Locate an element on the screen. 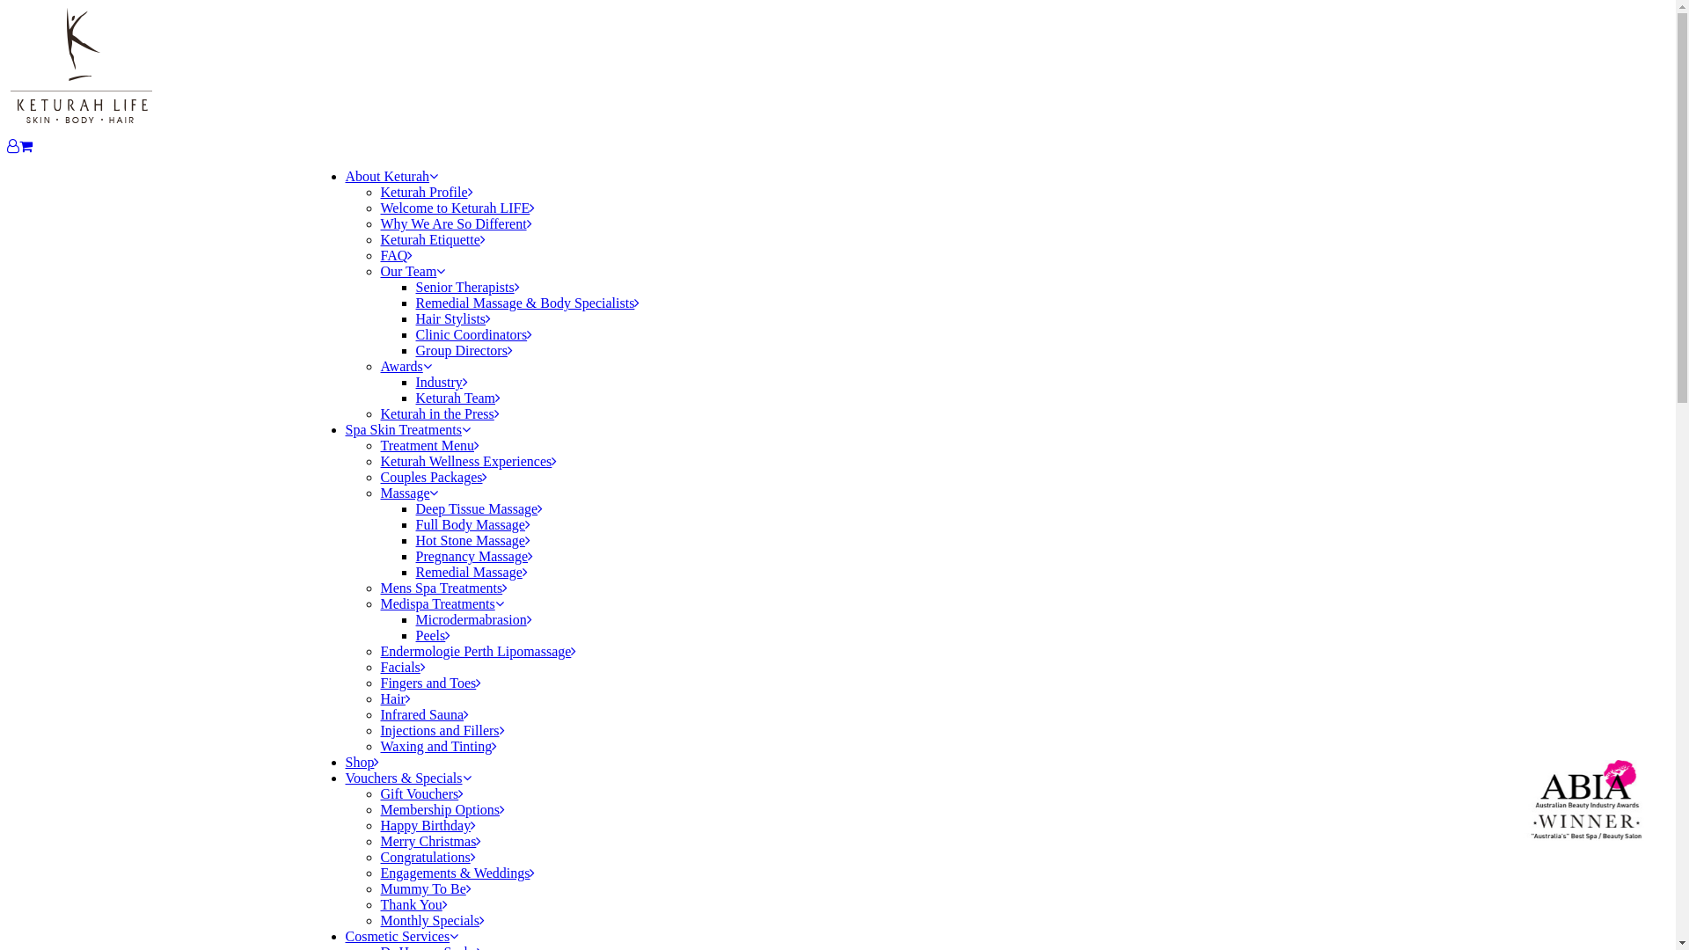  'Spa Skin Treatments' is located at coordinates (406, 429).